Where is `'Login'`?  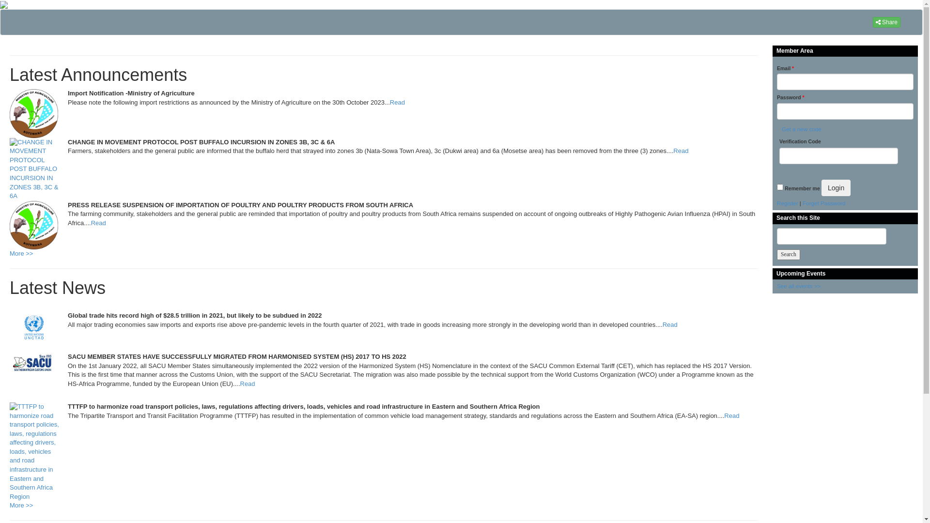
'Login' is located at coordinates (836, 188).